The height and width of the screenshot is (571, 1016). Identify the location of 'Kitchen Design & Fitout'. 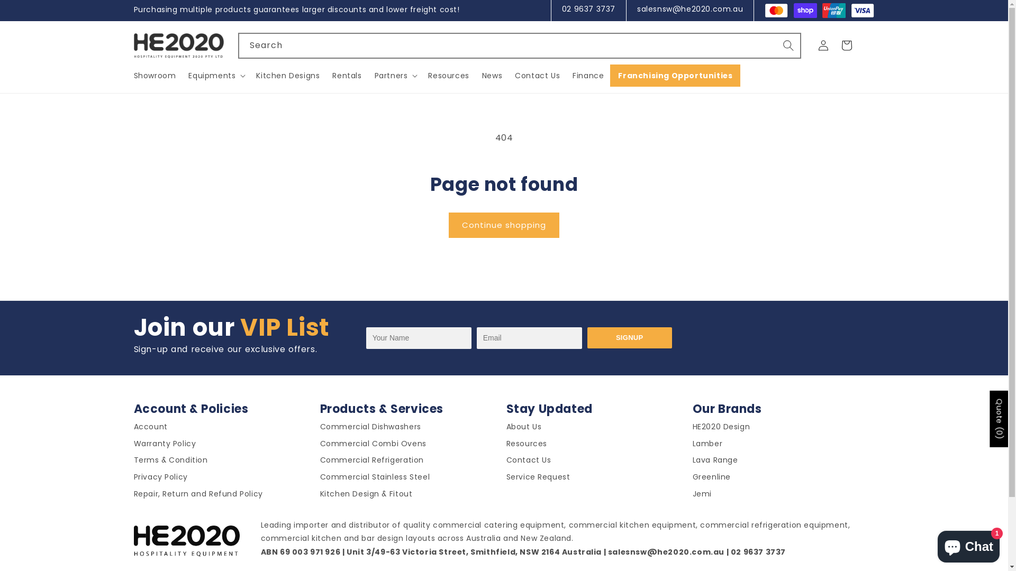
(366, 496).